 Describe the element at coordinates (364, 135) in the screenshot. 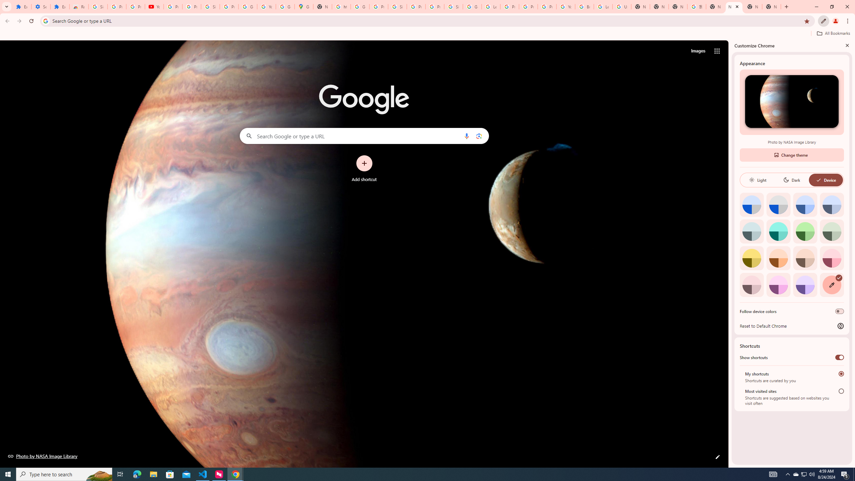

I see `'Search Google or type a URL'` at that location.